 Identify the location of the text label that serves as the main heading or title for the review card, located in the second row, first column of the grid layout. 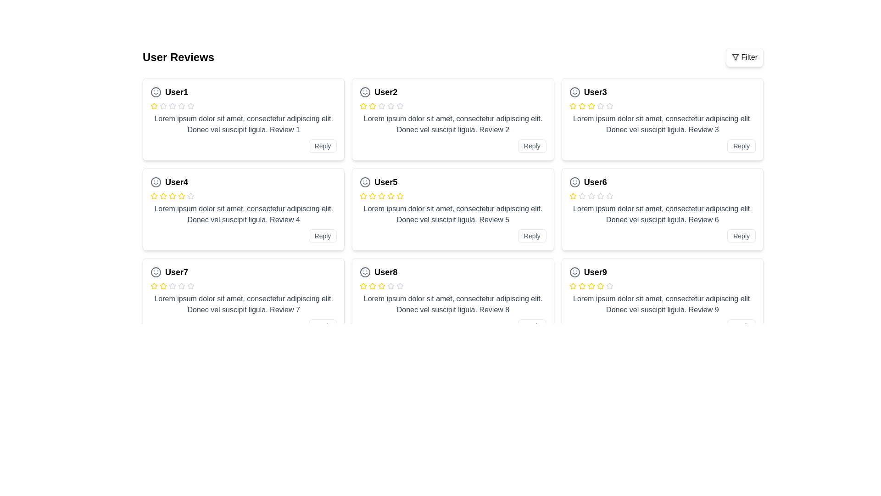
(176, 182).